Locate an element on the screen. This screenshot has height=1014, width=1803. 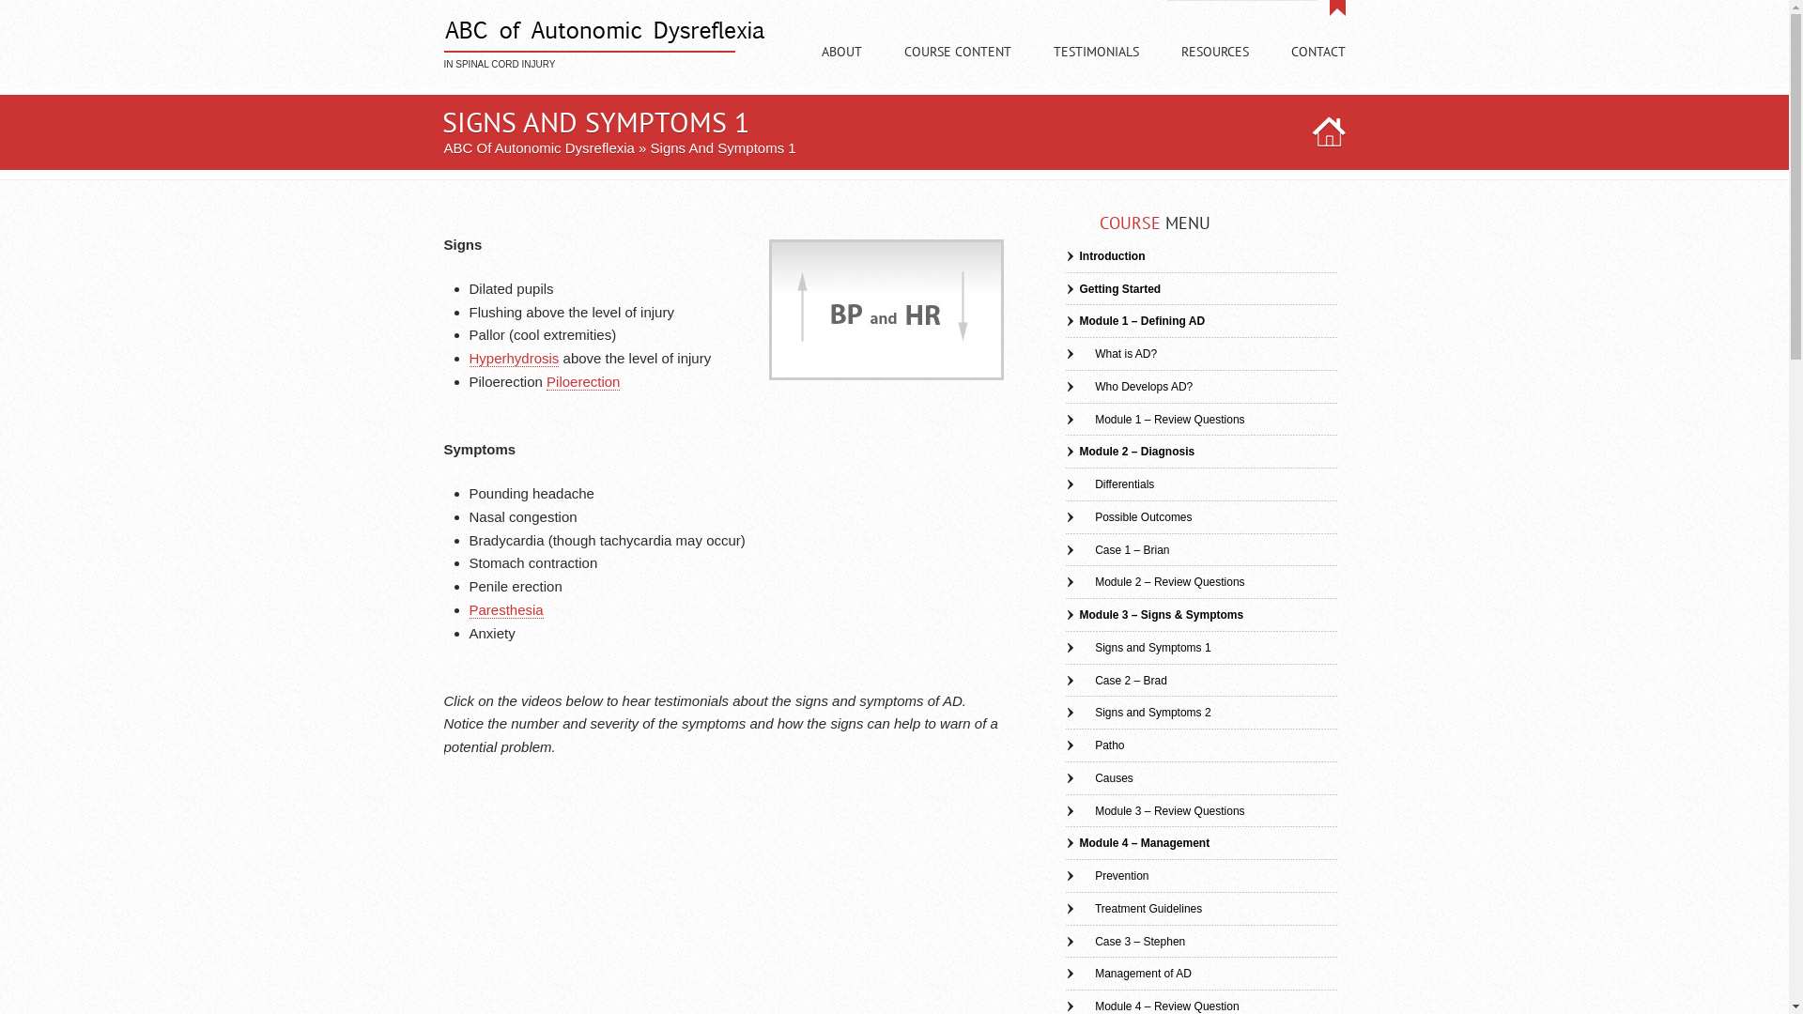
'     Signs and Symptoms 1' is located at coordinates (1136, 647).